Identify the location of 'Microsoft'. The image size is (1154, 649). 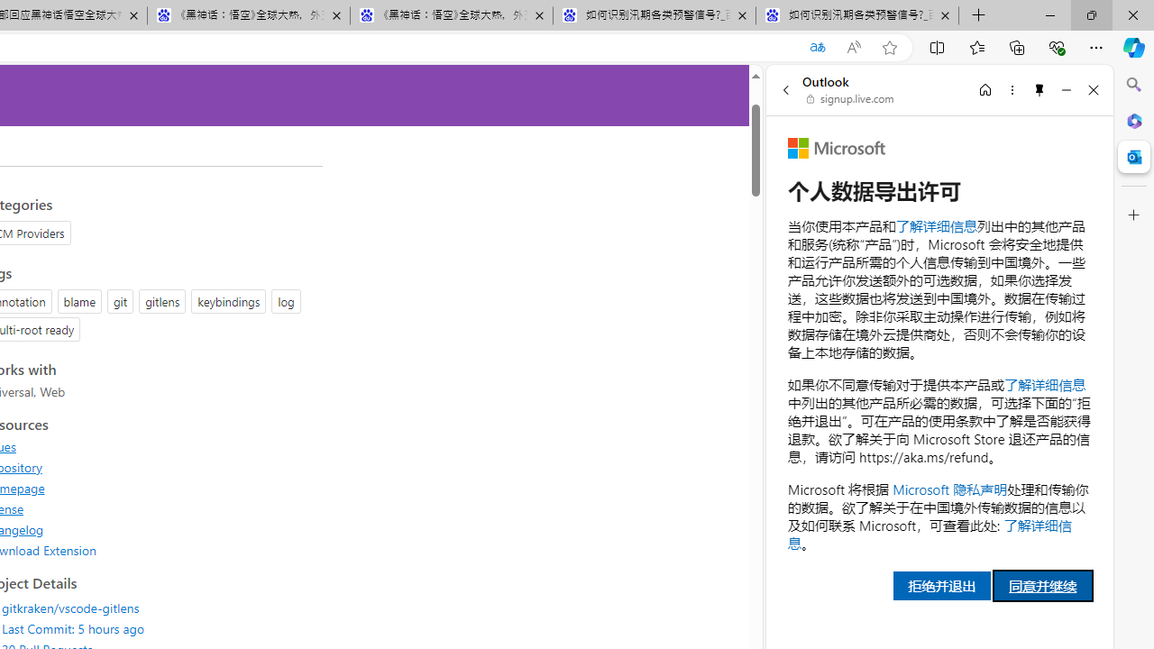
(836, 147).